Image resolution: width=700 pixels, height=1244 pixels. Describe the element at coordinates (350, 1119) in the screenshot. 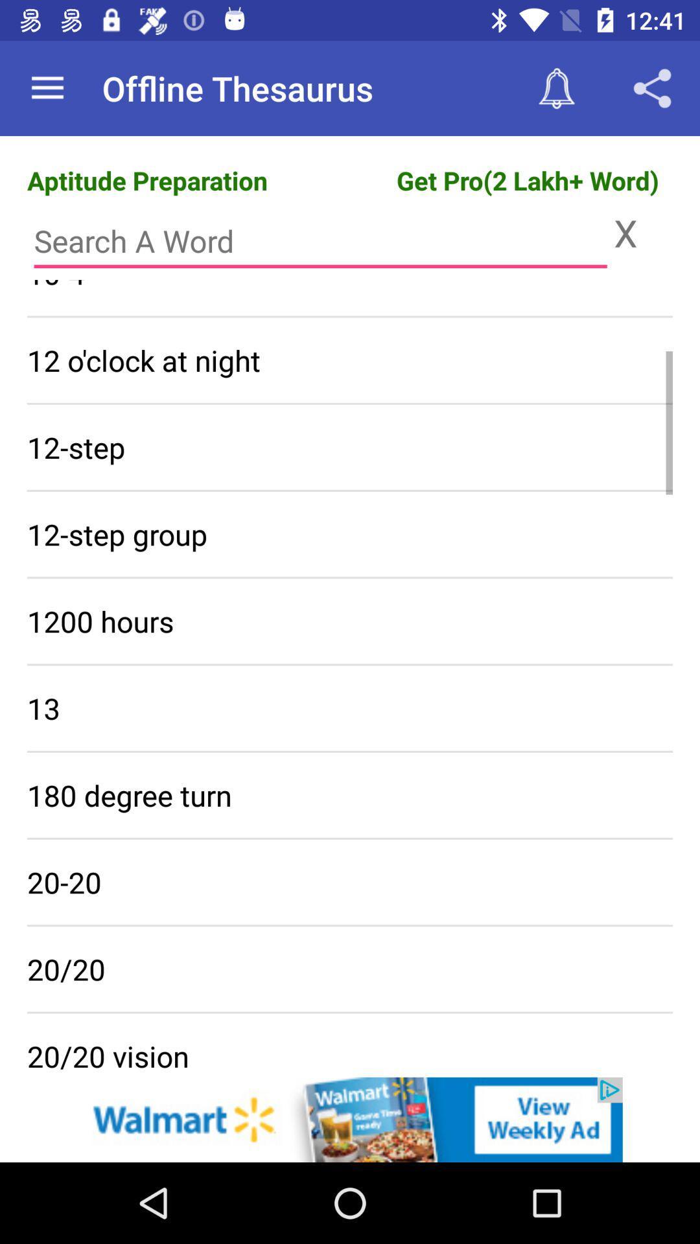

I see `click on the advertisement` at that location.